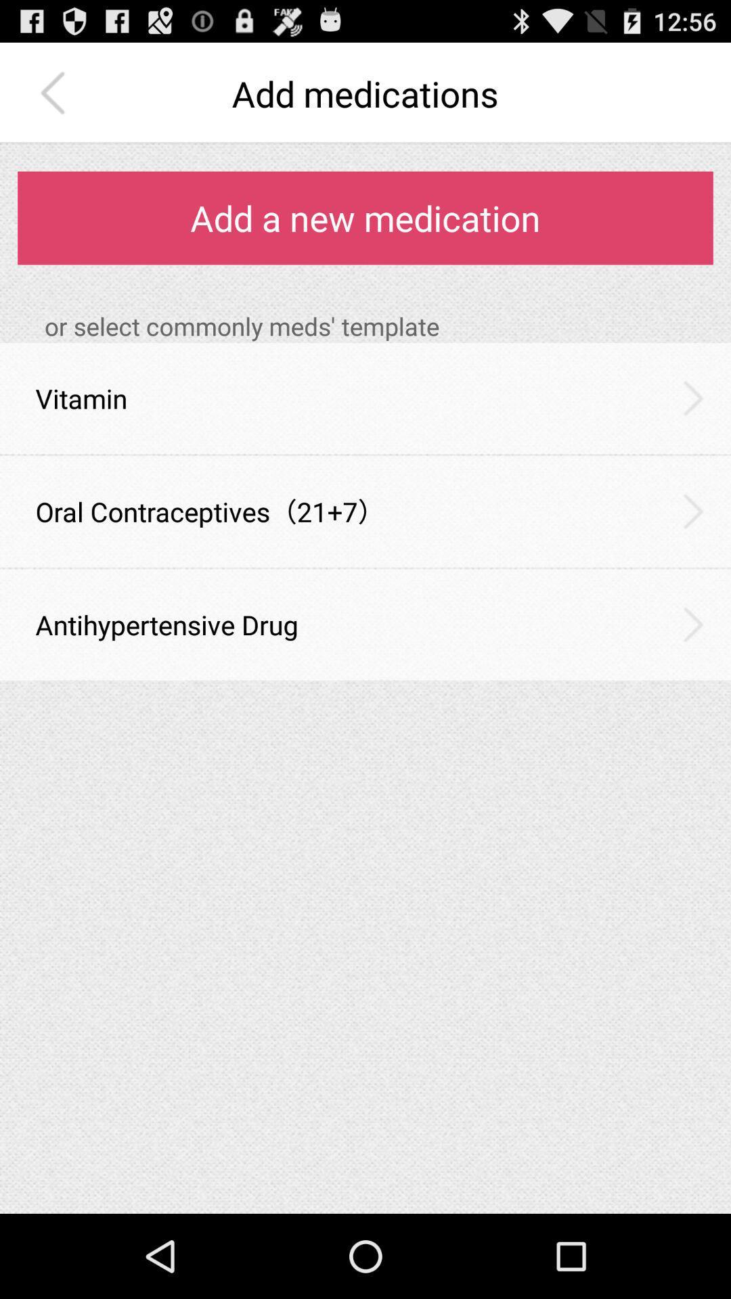  Describe the element at coordinates (56, 93) in the screenshot. I see `item above the add a new item` at that location.